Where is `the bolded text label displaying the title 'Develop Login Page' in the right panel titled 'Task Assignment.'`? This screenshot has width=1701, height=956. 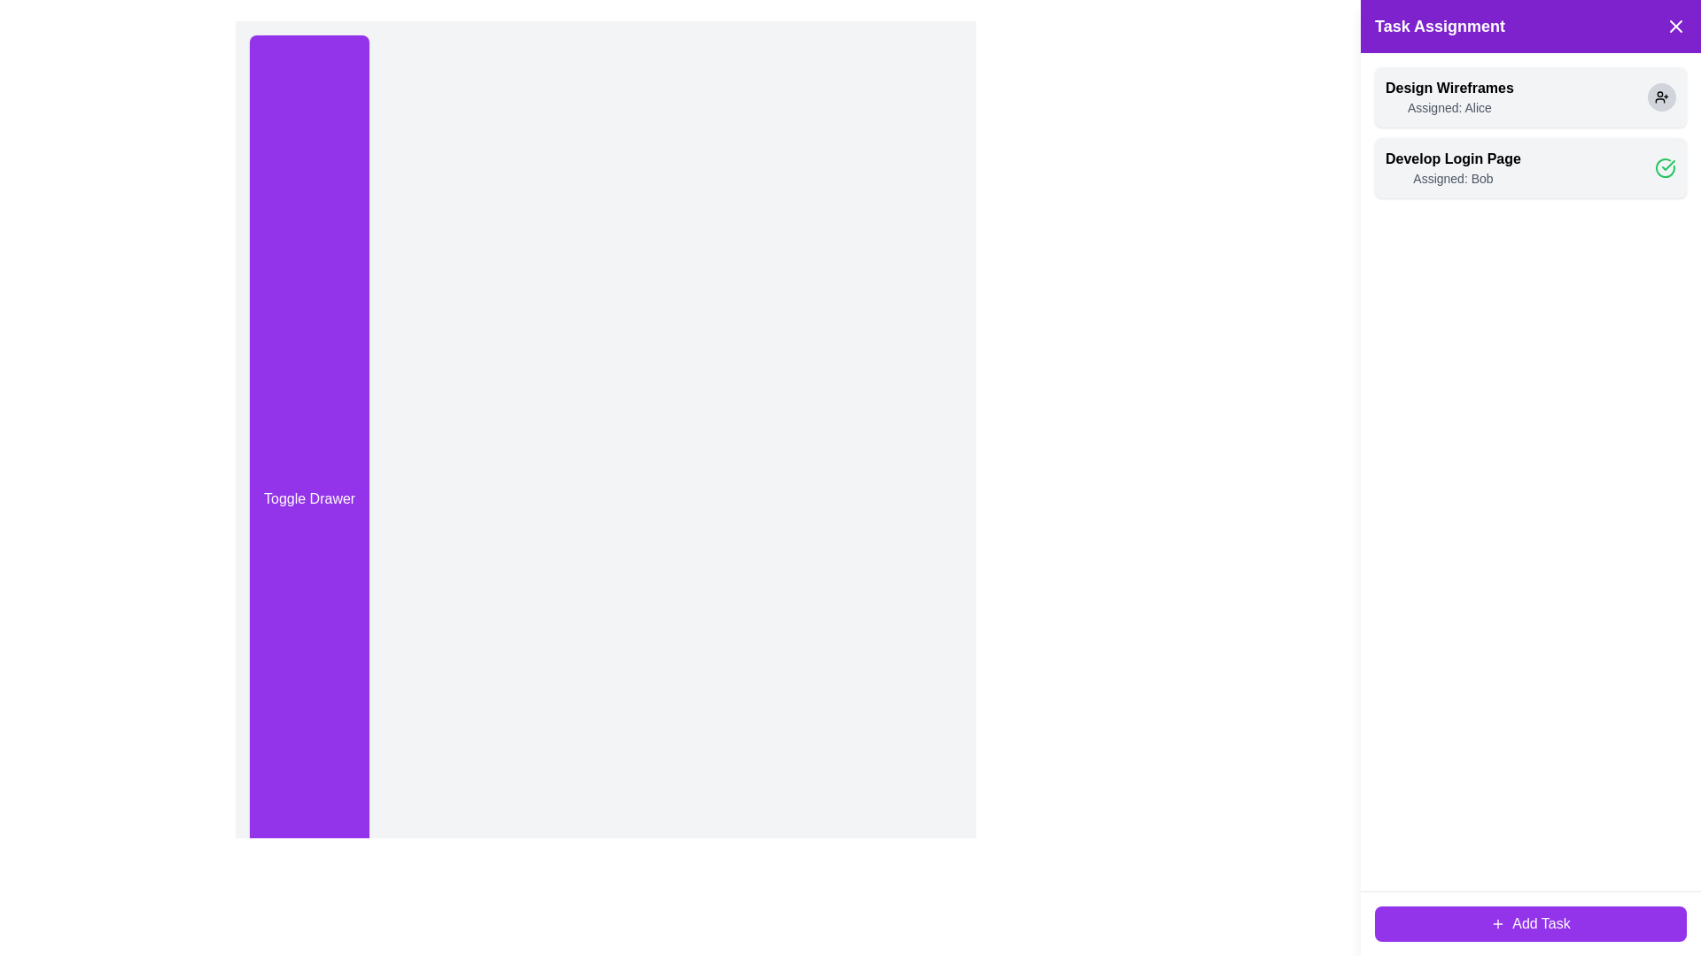 the bolded text label displaying the title 'Develop Login Page' in the right panel titled 'Task Assignment.' is located at coordinates (1453, 159).